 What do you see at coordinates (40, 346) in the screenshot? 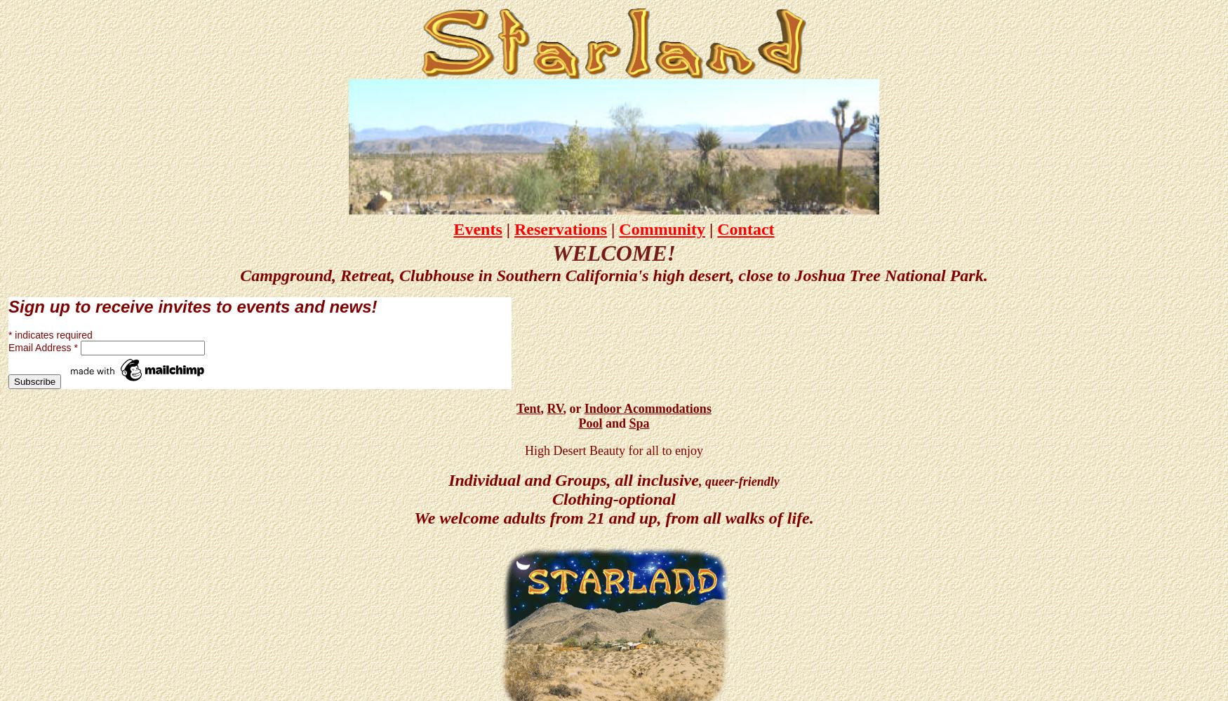
I see `'Email Address'` at bounding box center [40, 346].